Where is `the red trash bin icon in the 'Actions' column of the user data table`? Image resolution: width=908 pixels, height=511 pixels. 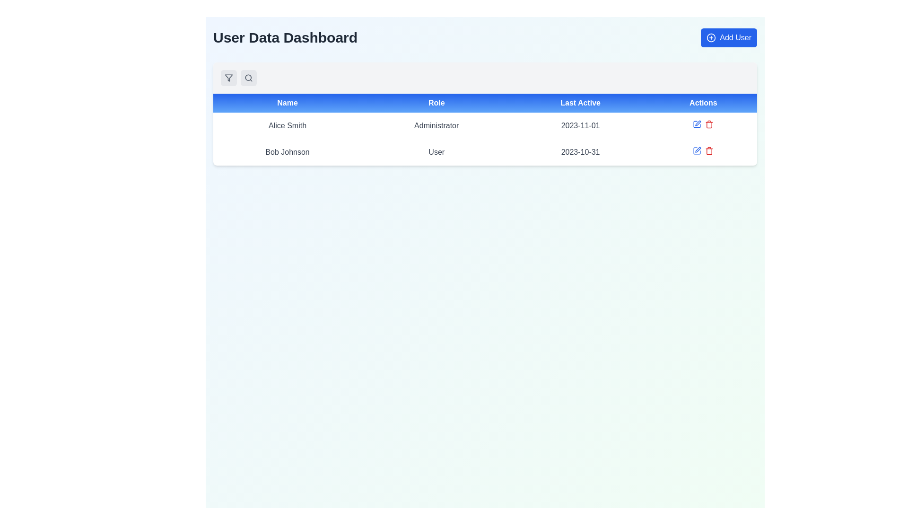 the red trash bin icon in the 'Actions' column of the user data table is located at coordinates (709, 150).